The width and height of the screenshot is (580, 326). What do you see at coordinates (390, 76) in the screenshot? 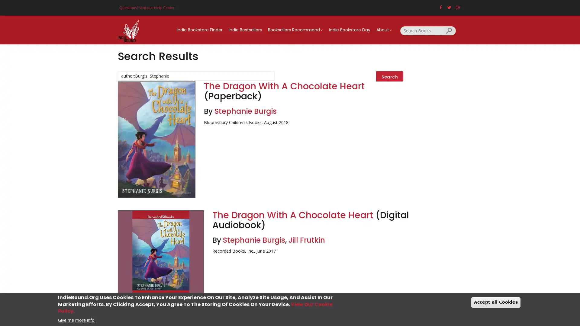
I see `Search` at bounding box center [390, 76].